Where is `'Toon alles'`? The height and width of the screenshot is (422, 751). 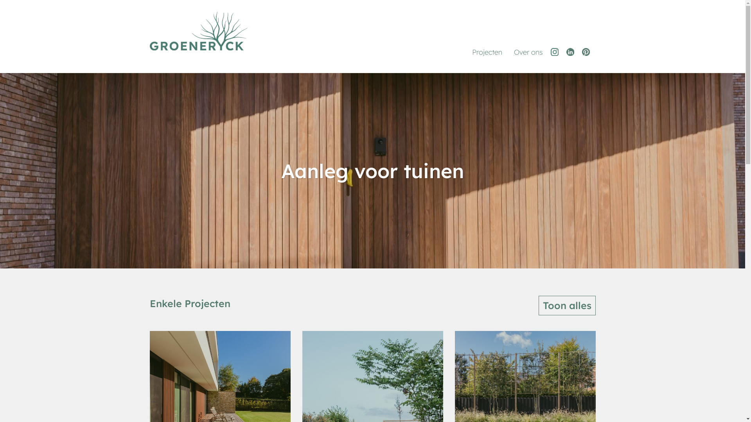 'Toon alles' is located at coordinates (567, 305).